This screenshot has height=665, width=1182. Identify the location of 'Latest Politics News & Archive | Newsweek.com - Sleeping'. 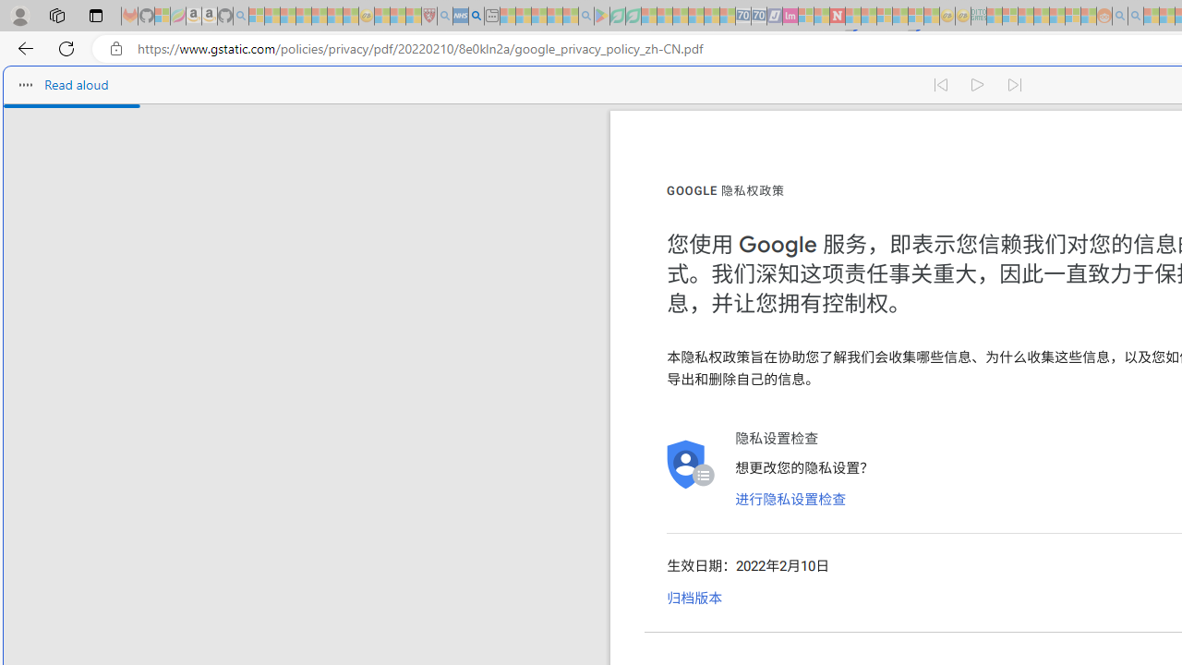
(836, 16).